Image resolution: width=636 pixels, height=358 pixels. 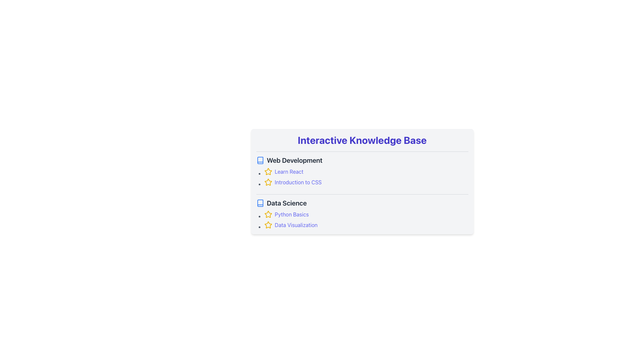 What do you see at coordinates (268, 171) in the screenshot?
I see `the rating icon located to the left of the 'Learn React' text in the 'Web Development' section of the interface` at bounding box center [268, 171].